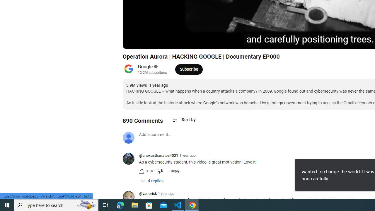  Describe the element at coordinates (152, 181) in the screenshot. I see `'4 replies'` at that location.